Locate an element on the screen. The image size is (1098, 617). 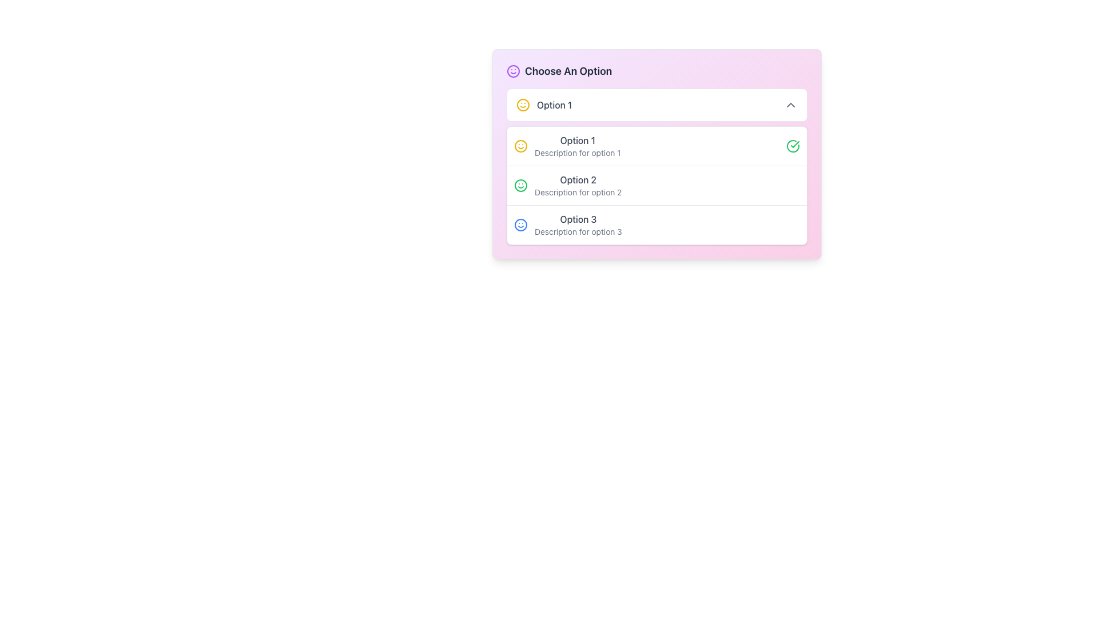
the yellow smiley face icon located adjacent to the text 'Option 1' for additional information is located at coordinates (520, 145).